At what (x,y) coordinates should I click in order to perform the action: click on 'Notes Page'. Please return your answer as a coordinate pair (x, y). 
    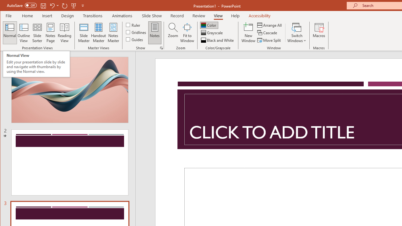
    Looking at the image, I should click on (50, 33).